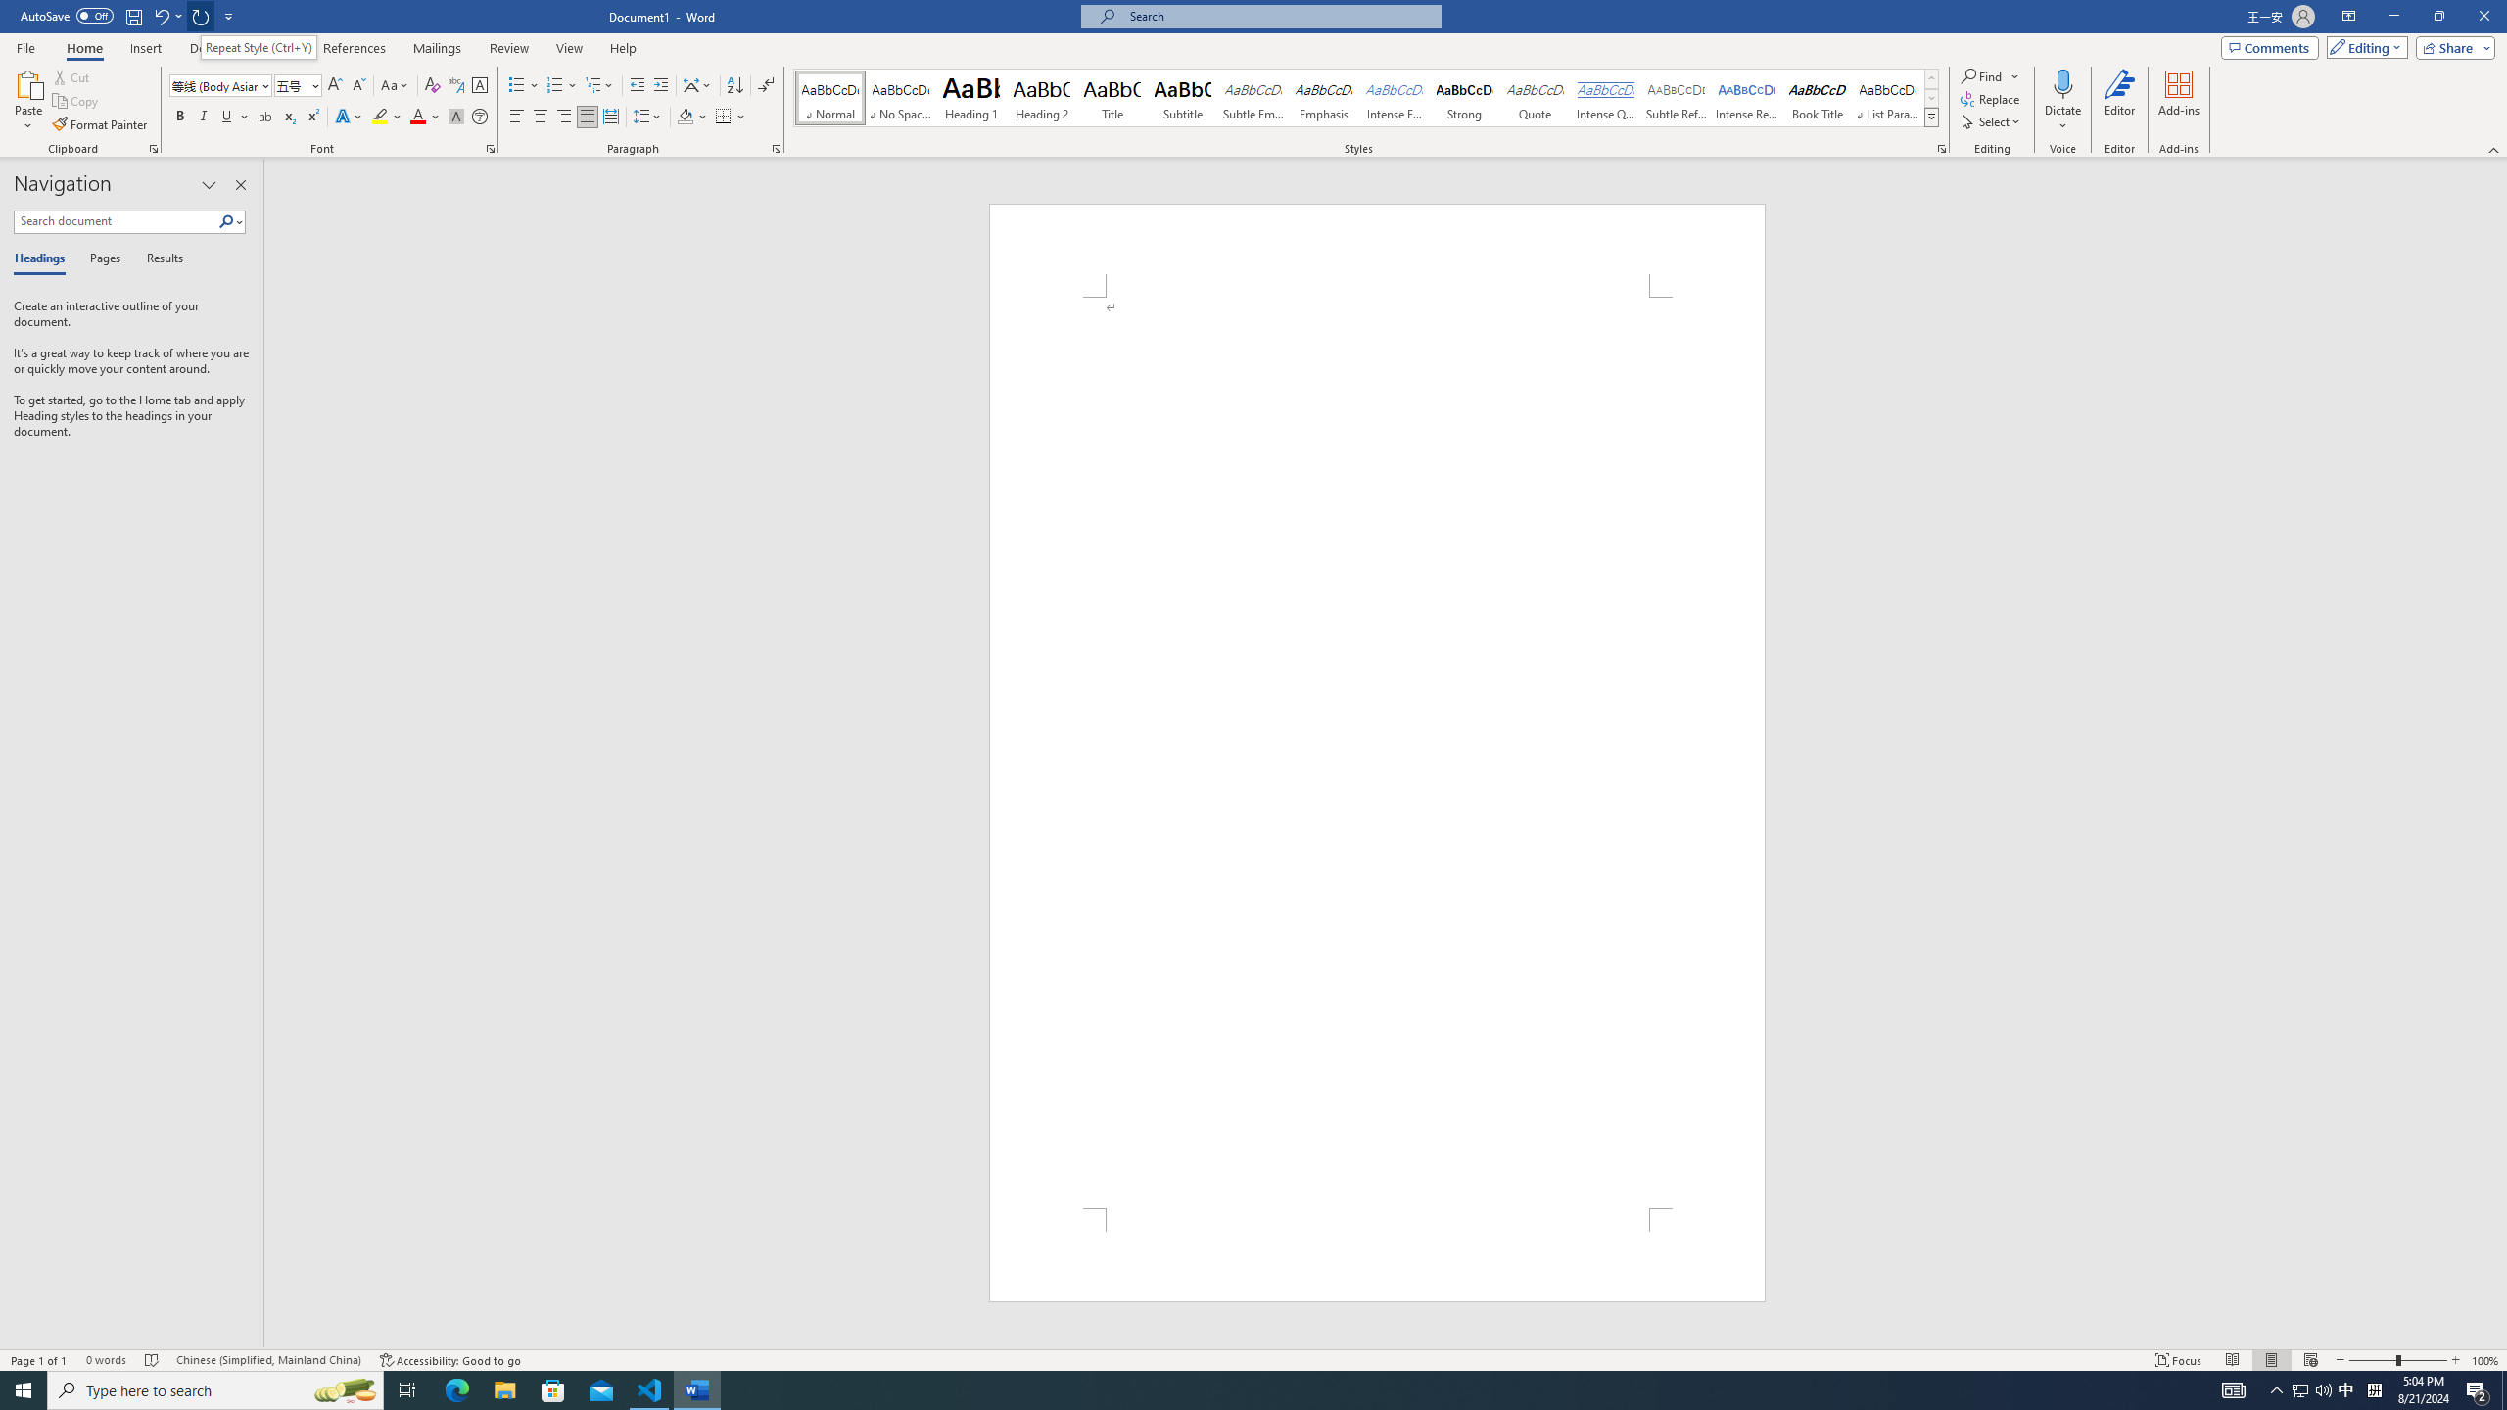  What do you see at coordinates (291, 85) in the screenshot?
I see `'Font Size'` at bounding box center [291, 85].